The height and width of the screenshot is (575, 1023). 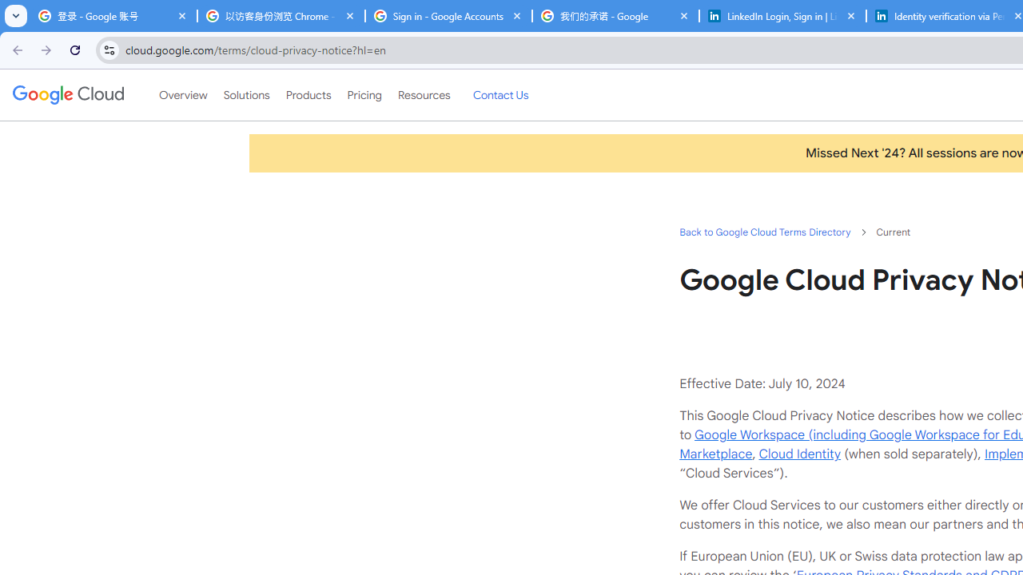 I want to click on 'Pricing', so click(x=363, y=95).